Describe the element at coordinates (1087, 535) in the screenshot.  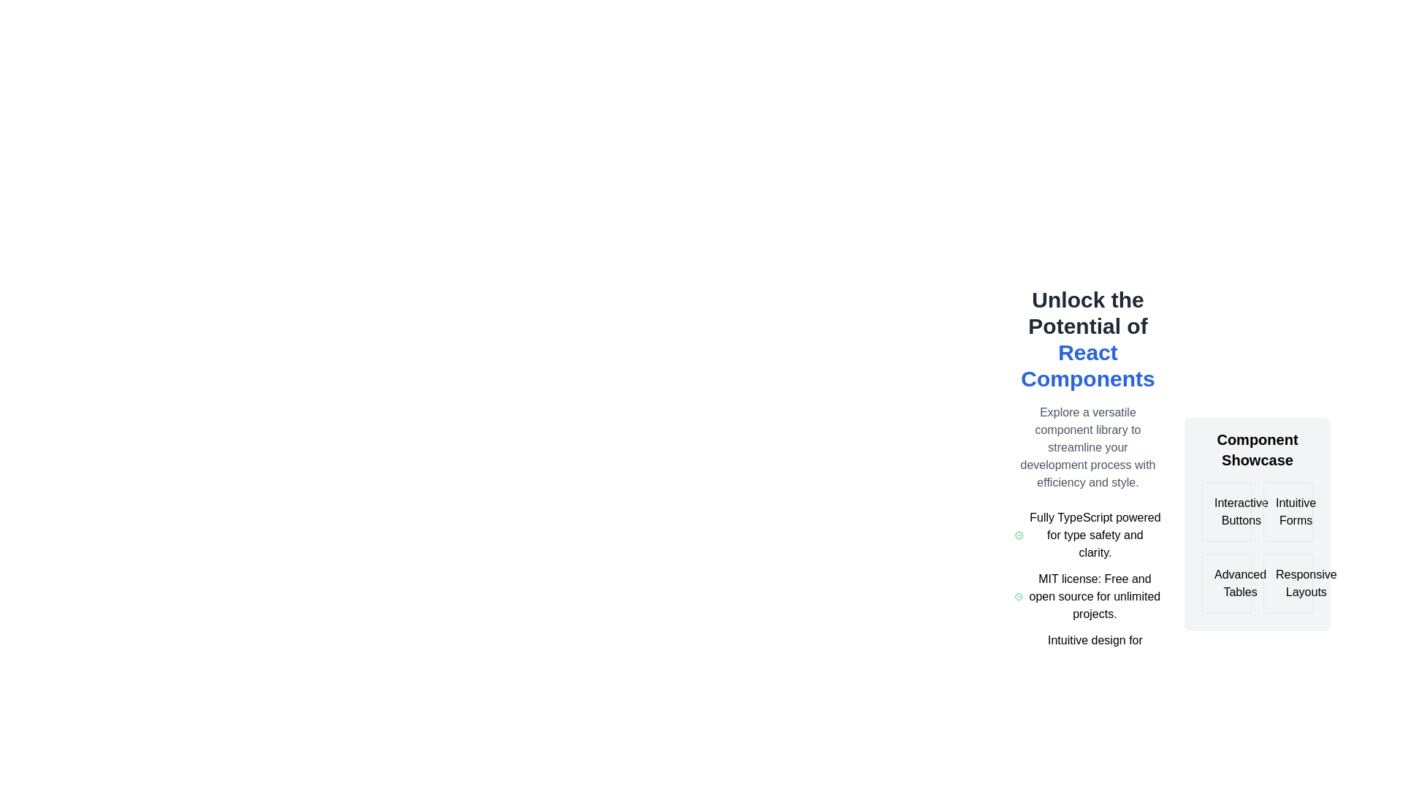
I see `the informational text stating 'Fully TypeScript powered for type safety and clarity.' with the green checkmark icon` at that location.